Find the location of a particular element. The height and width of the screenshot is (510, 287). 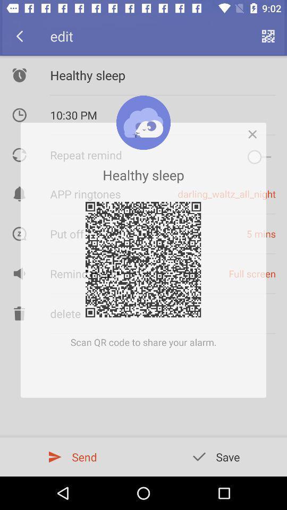

item above scan qr code is located at coordinates (255, 131).